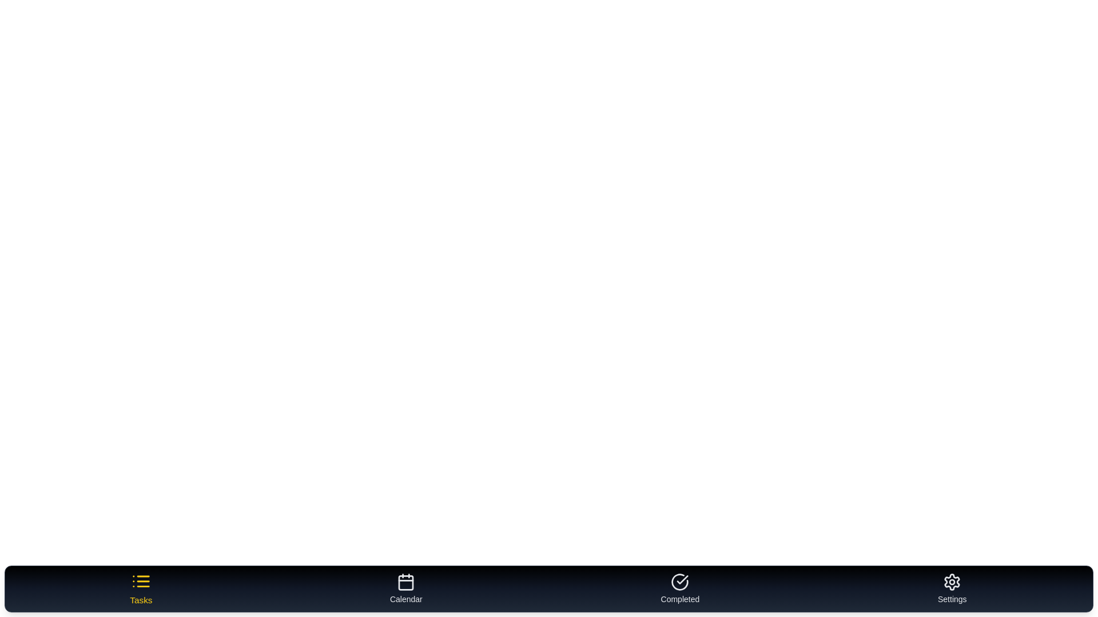 The height and width of the screenshot is (617, 1098). I want to click on the tab labeled 'Calendar' to preview its behavior, so click(406, 588).